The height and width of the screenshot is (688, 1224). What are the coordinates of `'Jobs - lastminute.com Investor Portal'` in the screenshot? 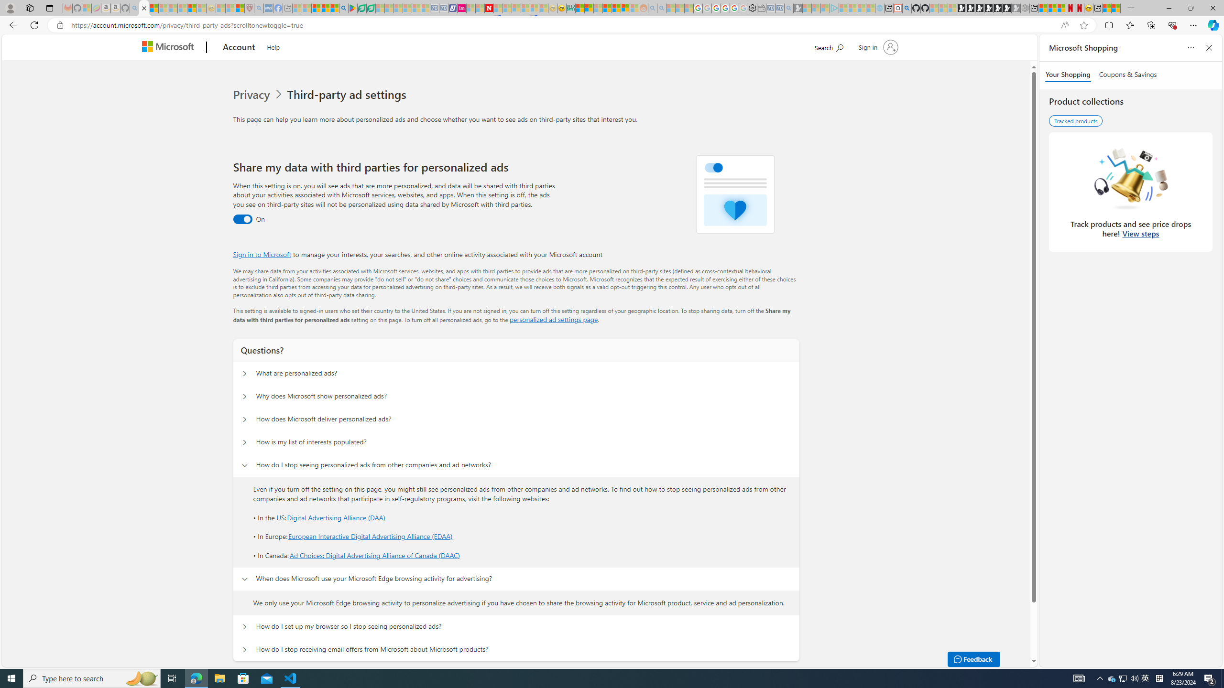 It's located at (461, 8).